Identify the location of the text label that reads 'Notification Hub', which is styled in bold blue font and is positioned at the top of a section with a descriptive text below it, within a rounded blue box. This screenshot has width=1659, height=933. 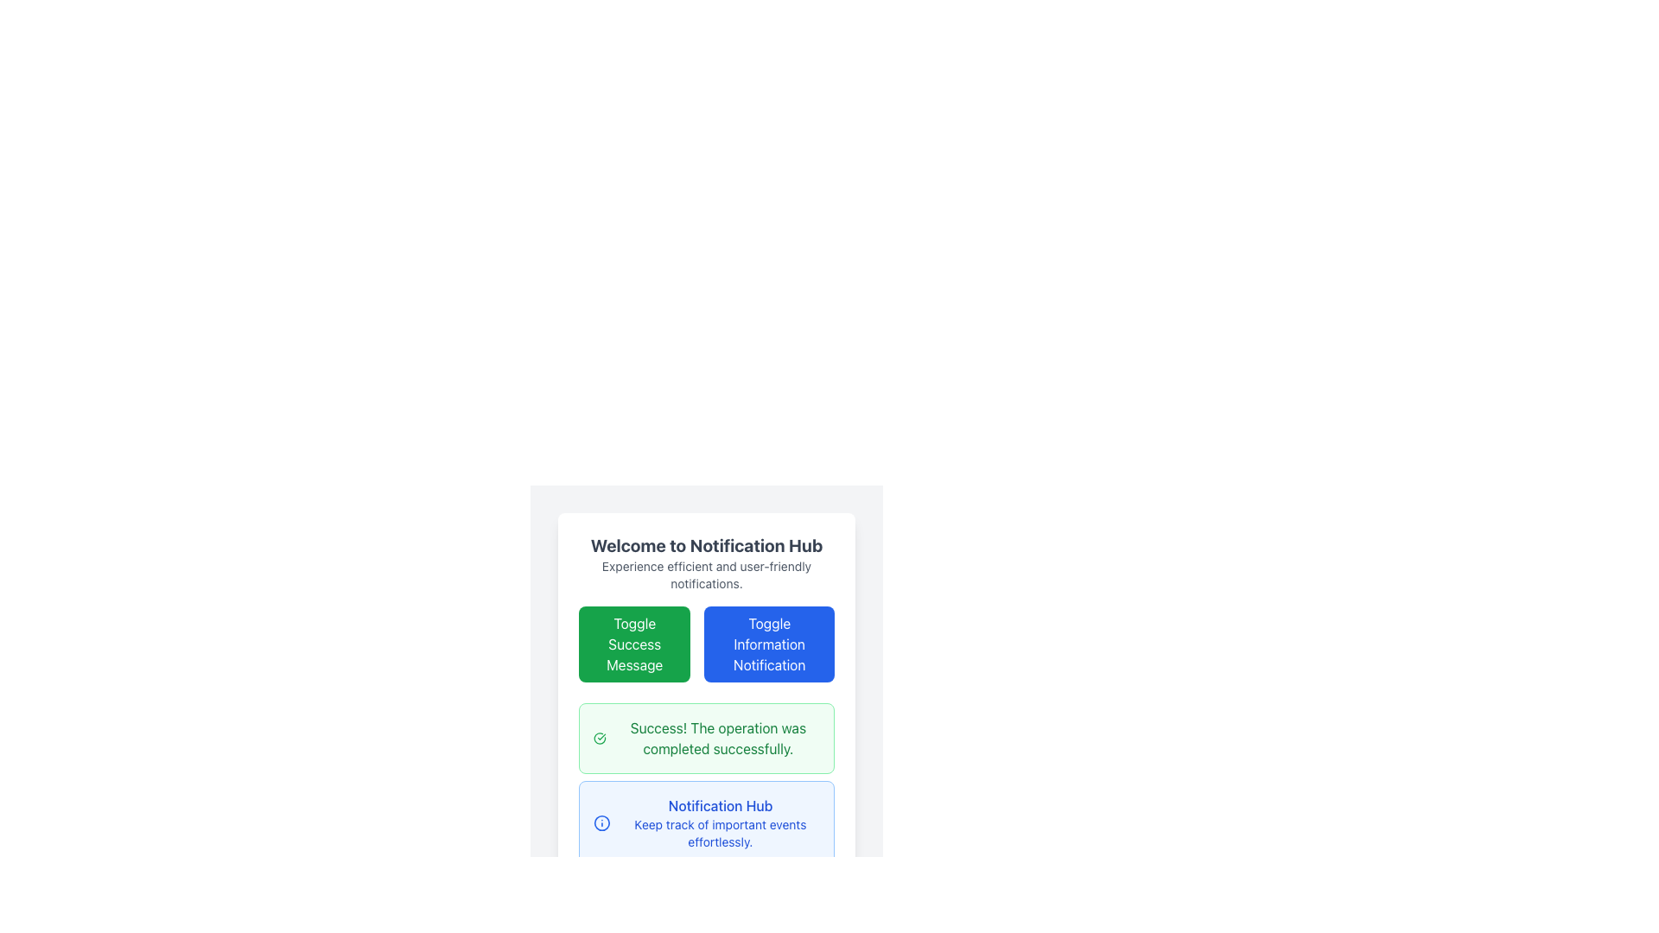
(720, 806).